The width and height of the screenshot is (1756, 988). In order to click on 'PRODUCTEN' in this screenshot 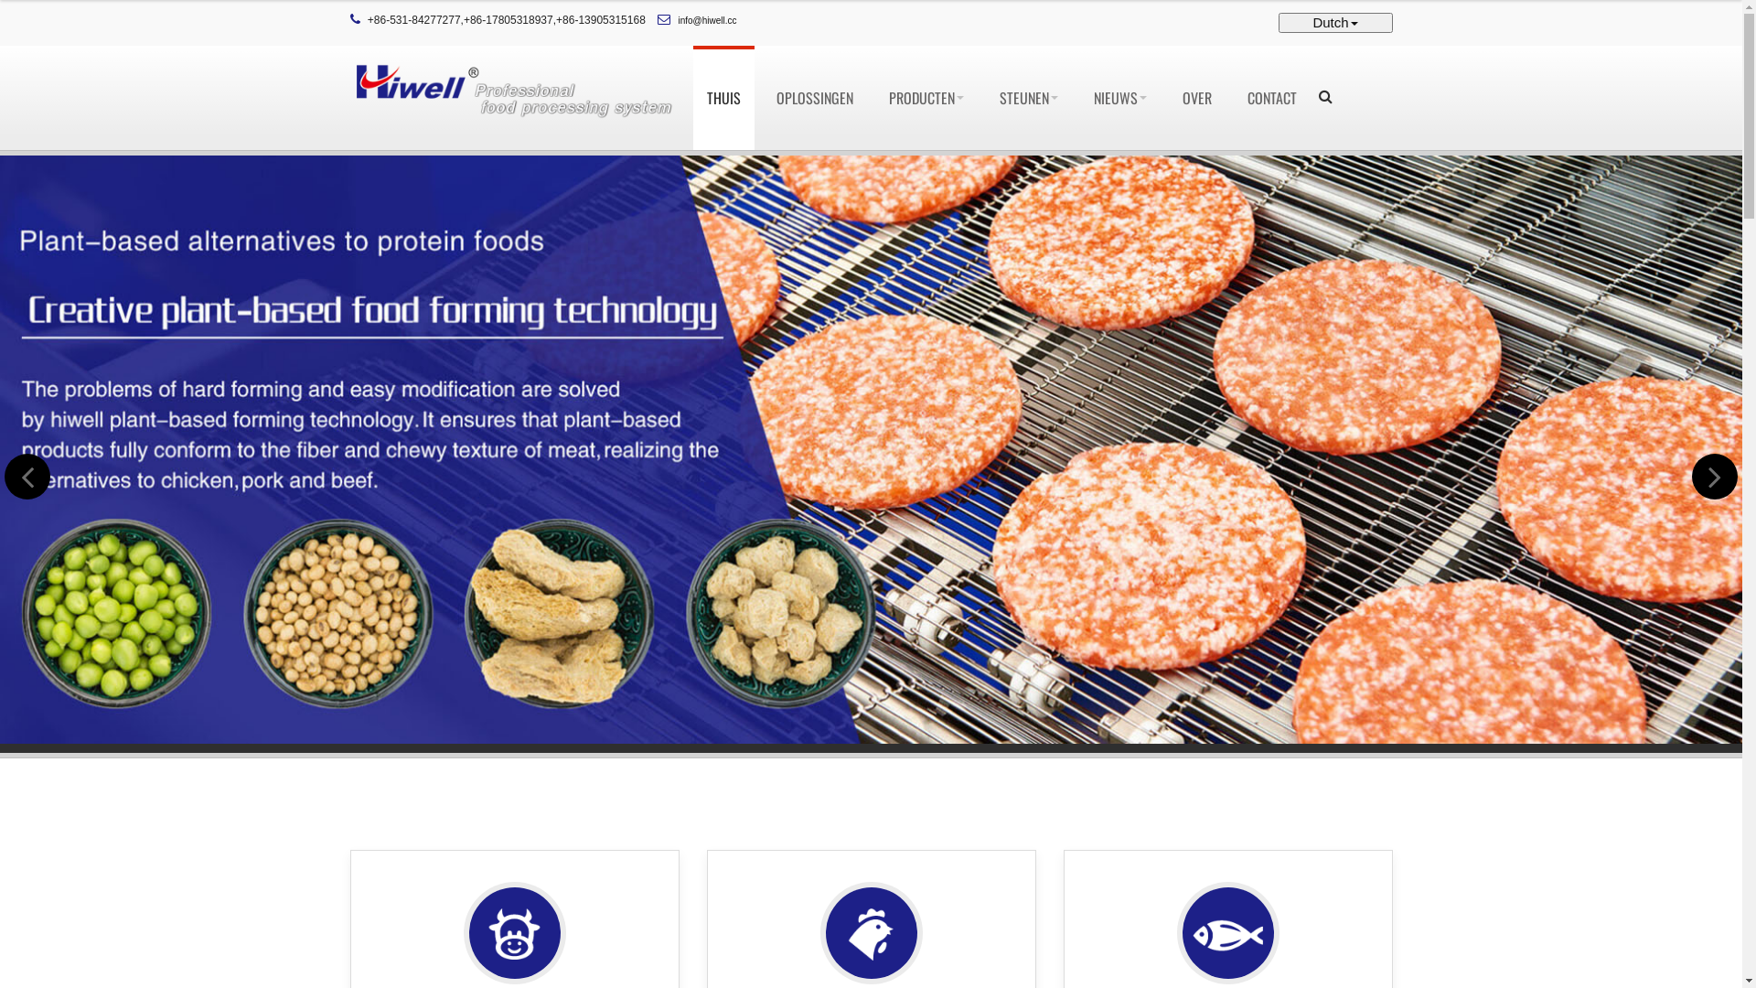, I will do `click(873, 98)`.